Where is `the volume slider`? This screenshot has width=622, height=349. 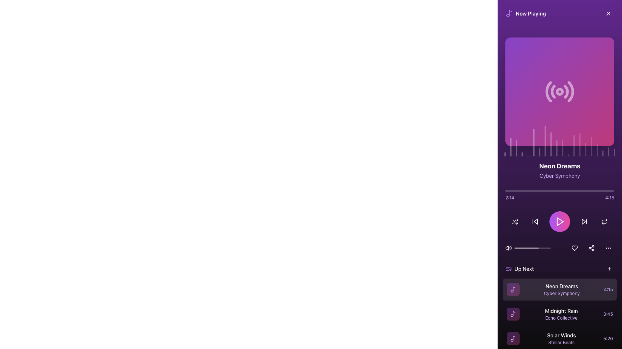
the volume slider is located at coordinates (530, 248).